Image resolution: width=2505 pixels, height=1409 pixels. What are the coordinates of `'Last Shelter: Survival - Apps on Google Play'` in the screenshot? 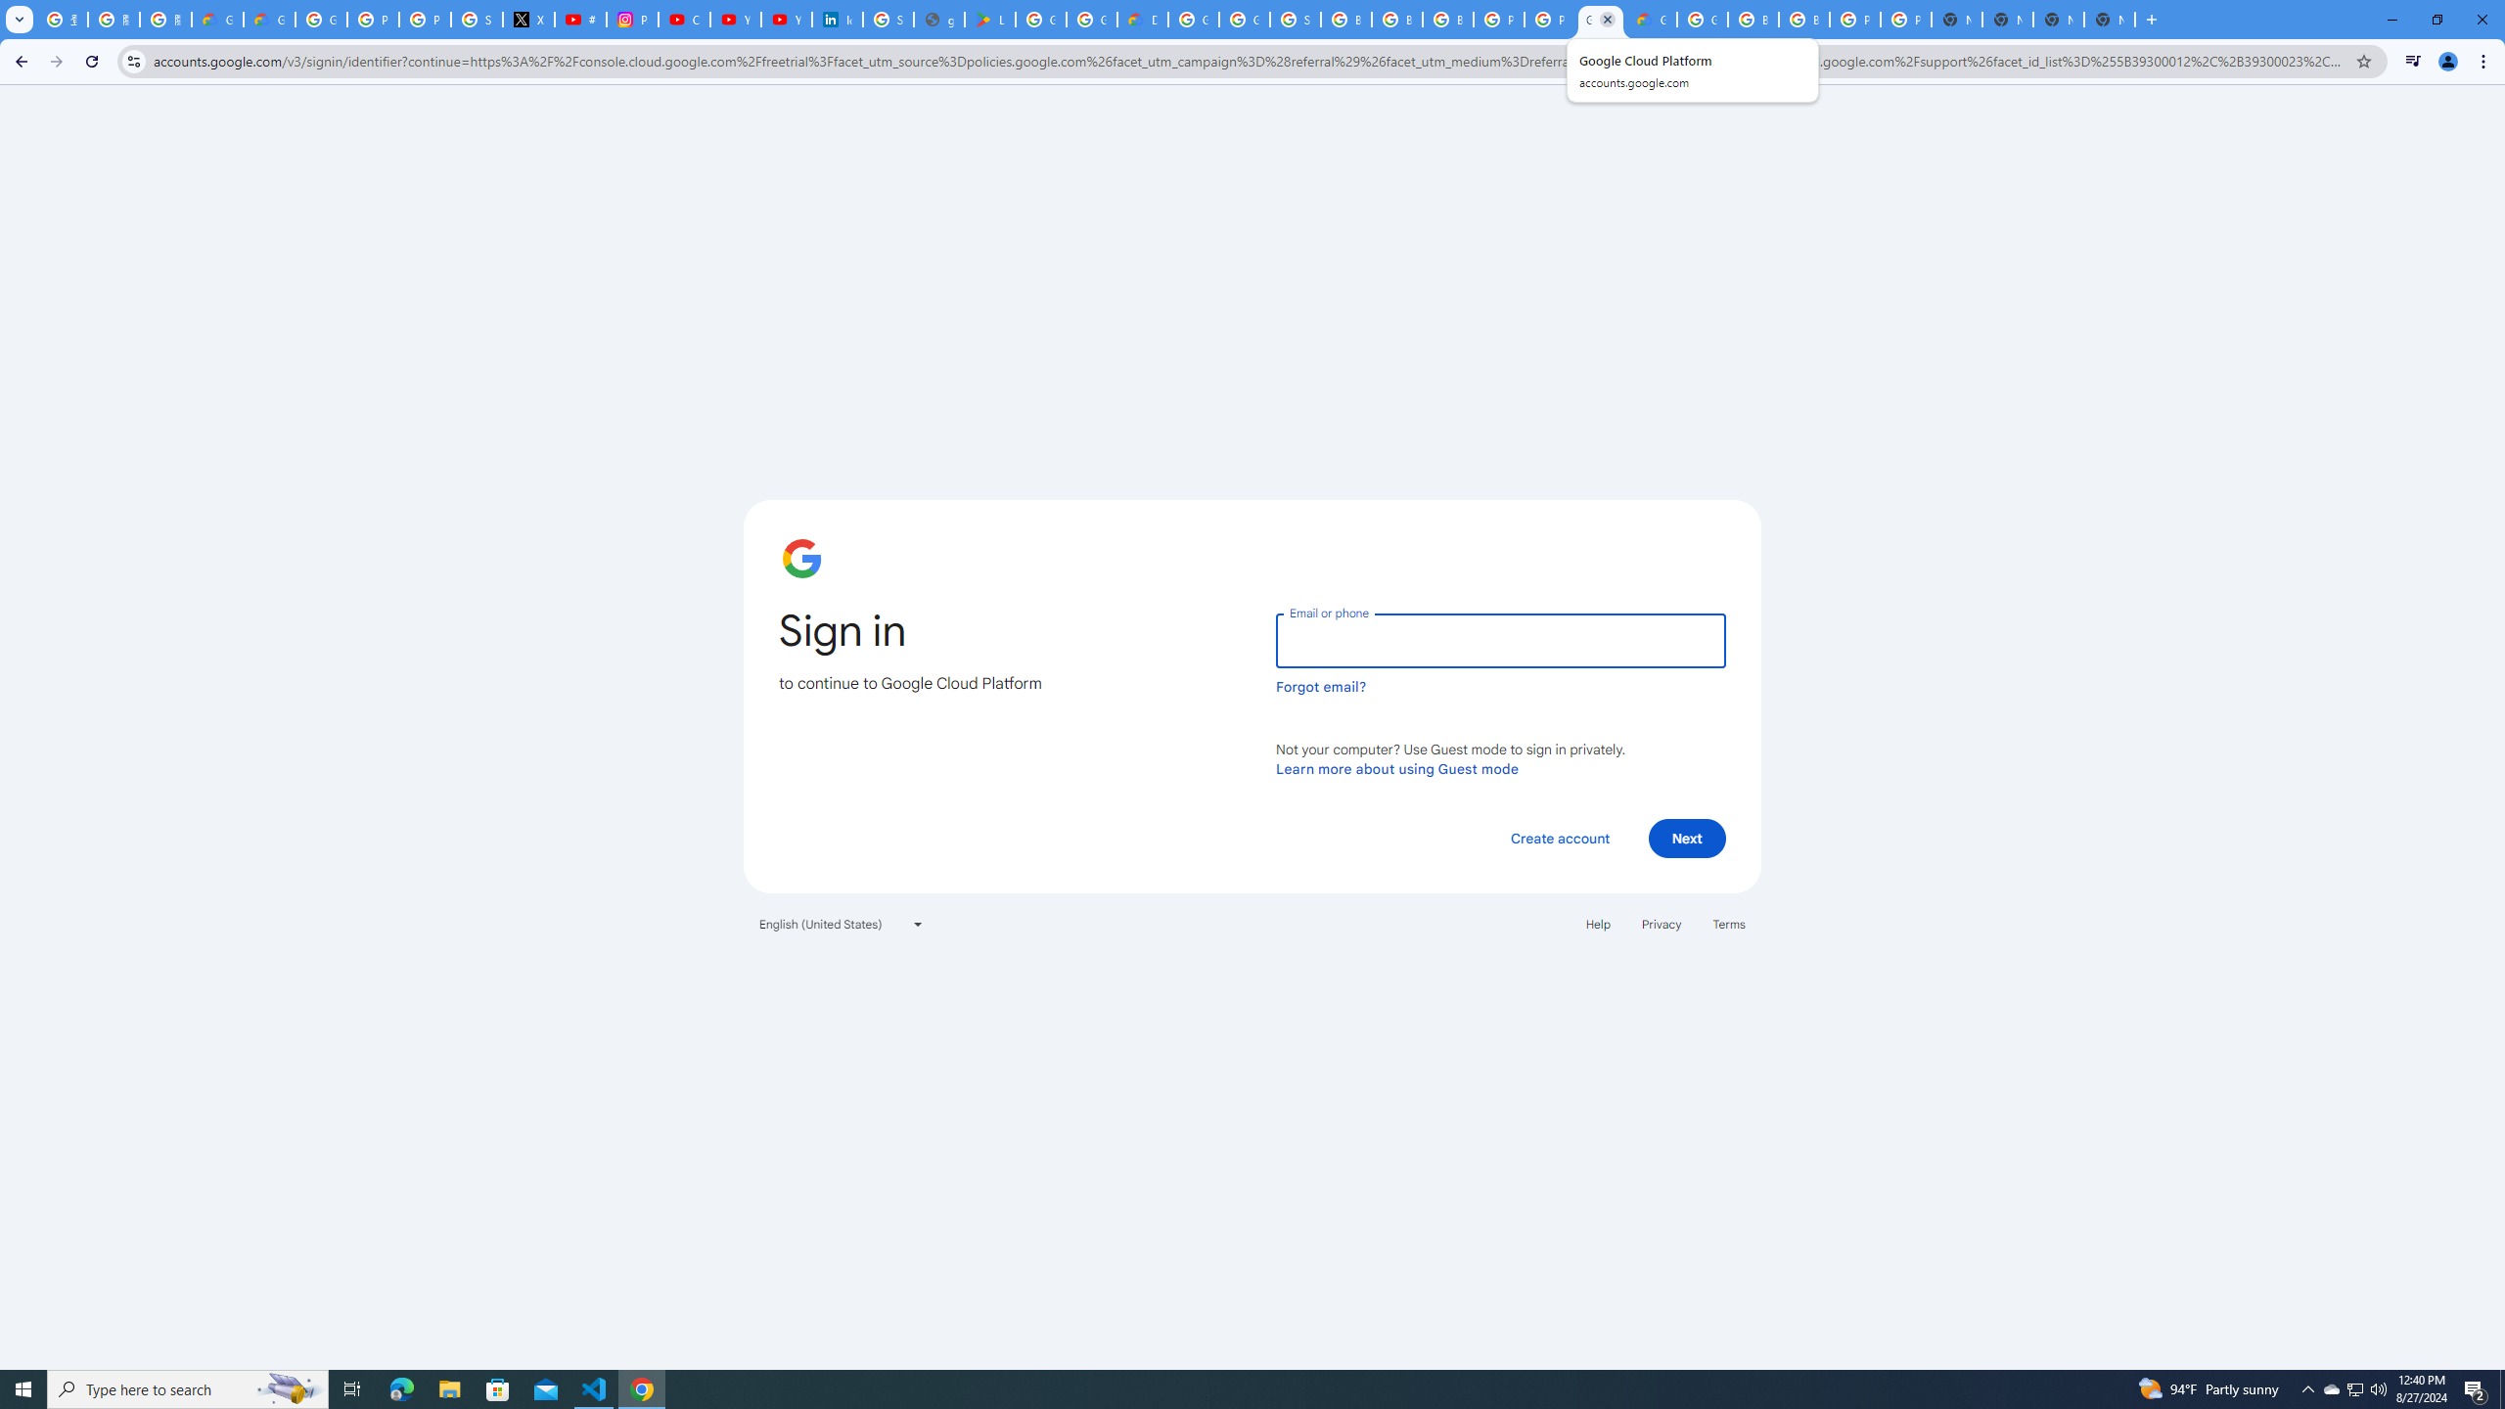 It's located at (989, 19).